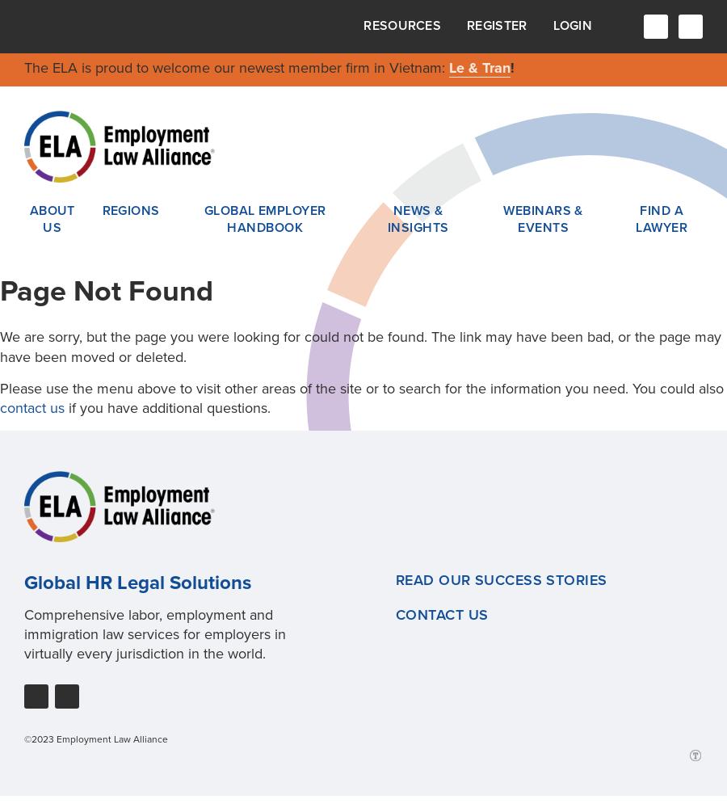  What do you see at coordinates (360, 347) in the screenshot?
I see `'We are sorry, but the page you were looking for could not be found. The link may have been bad, or the page may have been moved or deleted.'` at bounding box center [360, 347].